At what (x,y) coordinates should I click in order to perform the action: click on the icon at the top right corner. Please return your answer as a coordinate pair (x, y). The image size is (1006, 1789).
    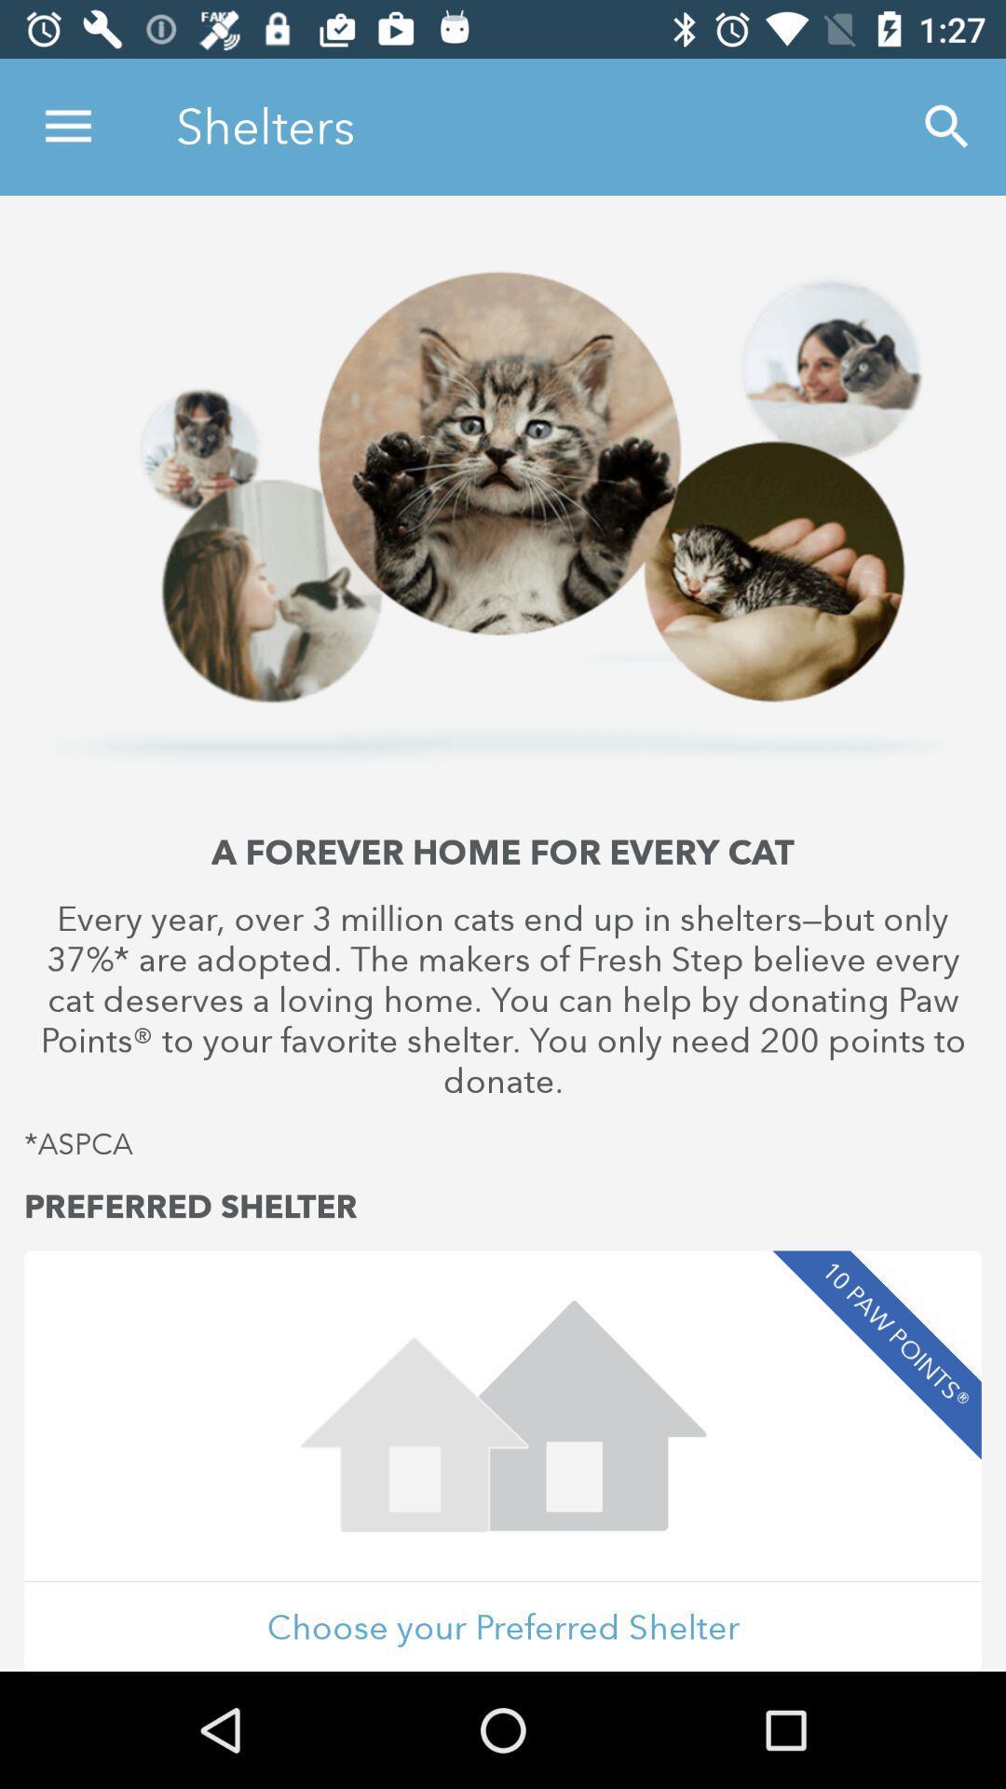
    Looking at the image, I should click on (947, 126).